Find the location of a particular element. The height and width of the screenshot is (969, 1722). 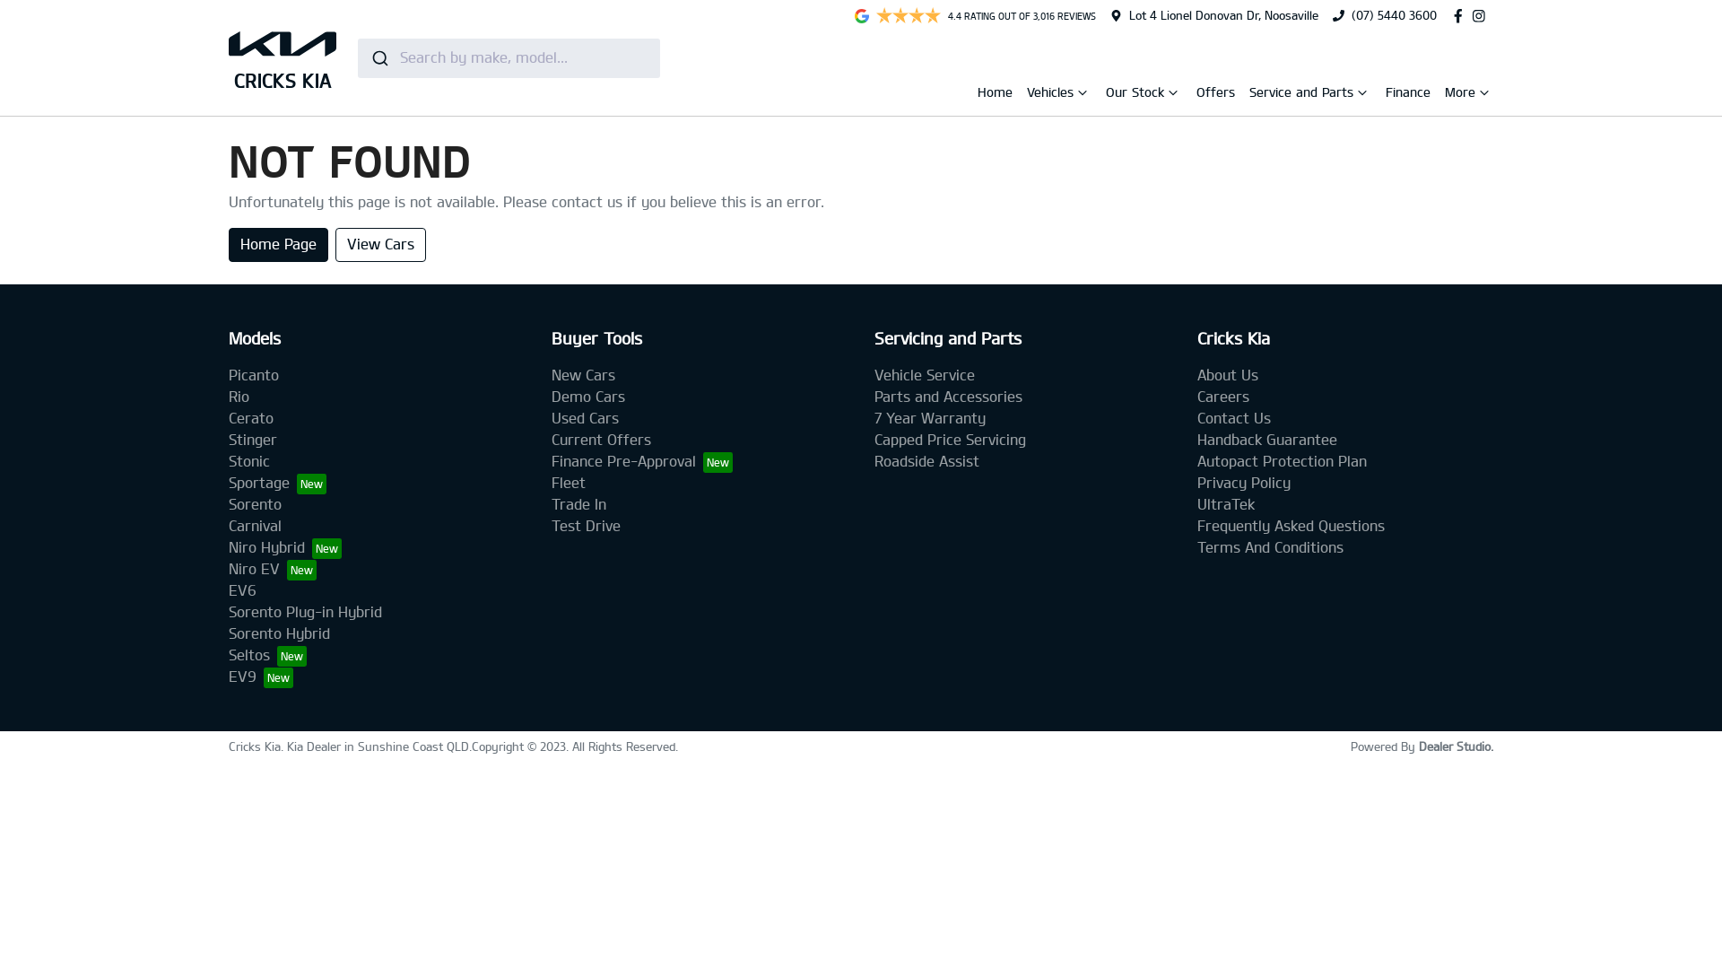

'EV6' is located at coordinates (241, 590).